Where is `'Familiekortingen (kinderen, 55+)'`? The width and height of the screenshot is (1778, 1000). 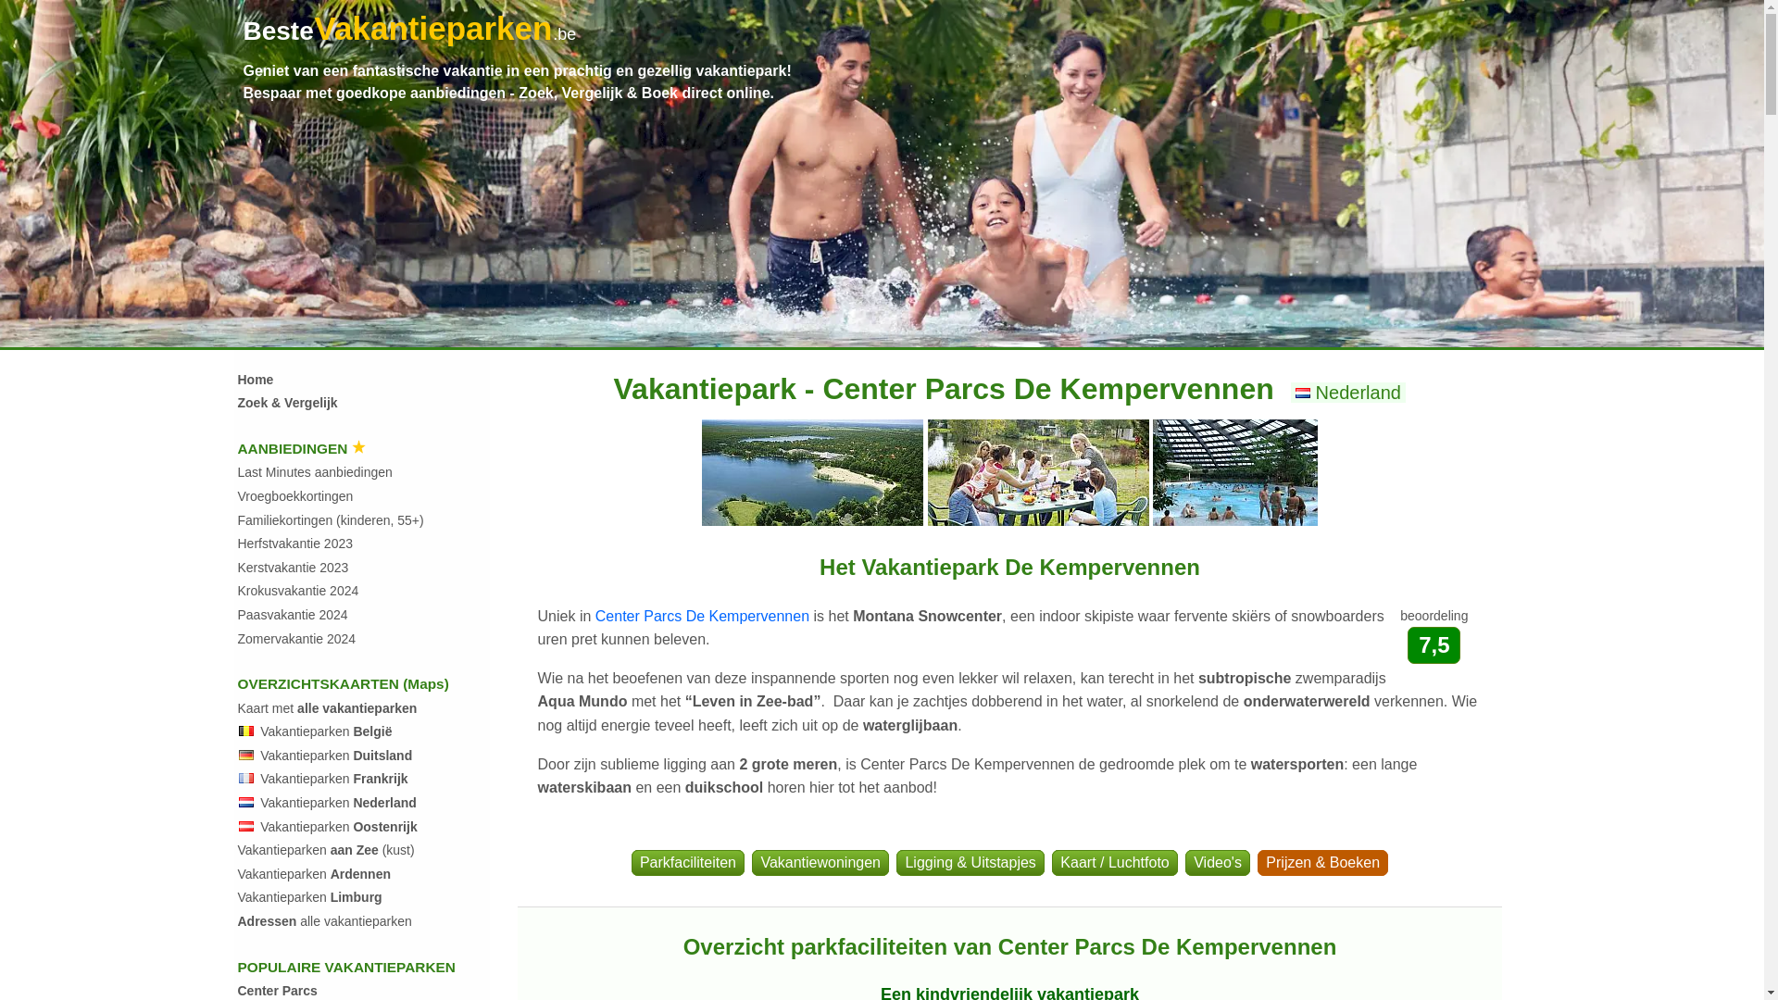 'Familiekortingen (kinderen, 55+)' is located at coordinates (330, 520).